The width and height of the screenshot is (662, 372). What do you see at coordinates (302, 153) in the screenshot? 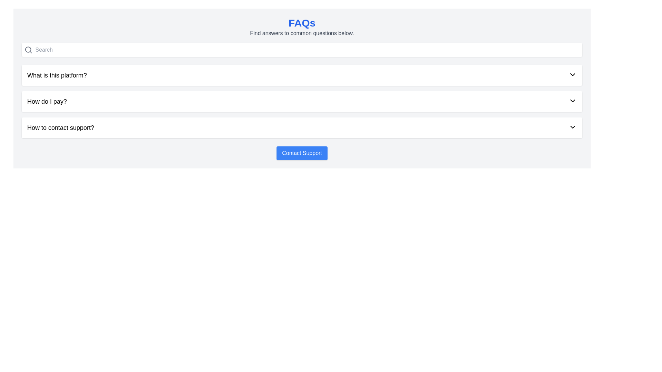
I see `the 'Contact Support' button, which is a horizontally-centered rectangular button with rounded corners and a blue background located at the bottom of the FAQs section` at bounding box center [302, 153].